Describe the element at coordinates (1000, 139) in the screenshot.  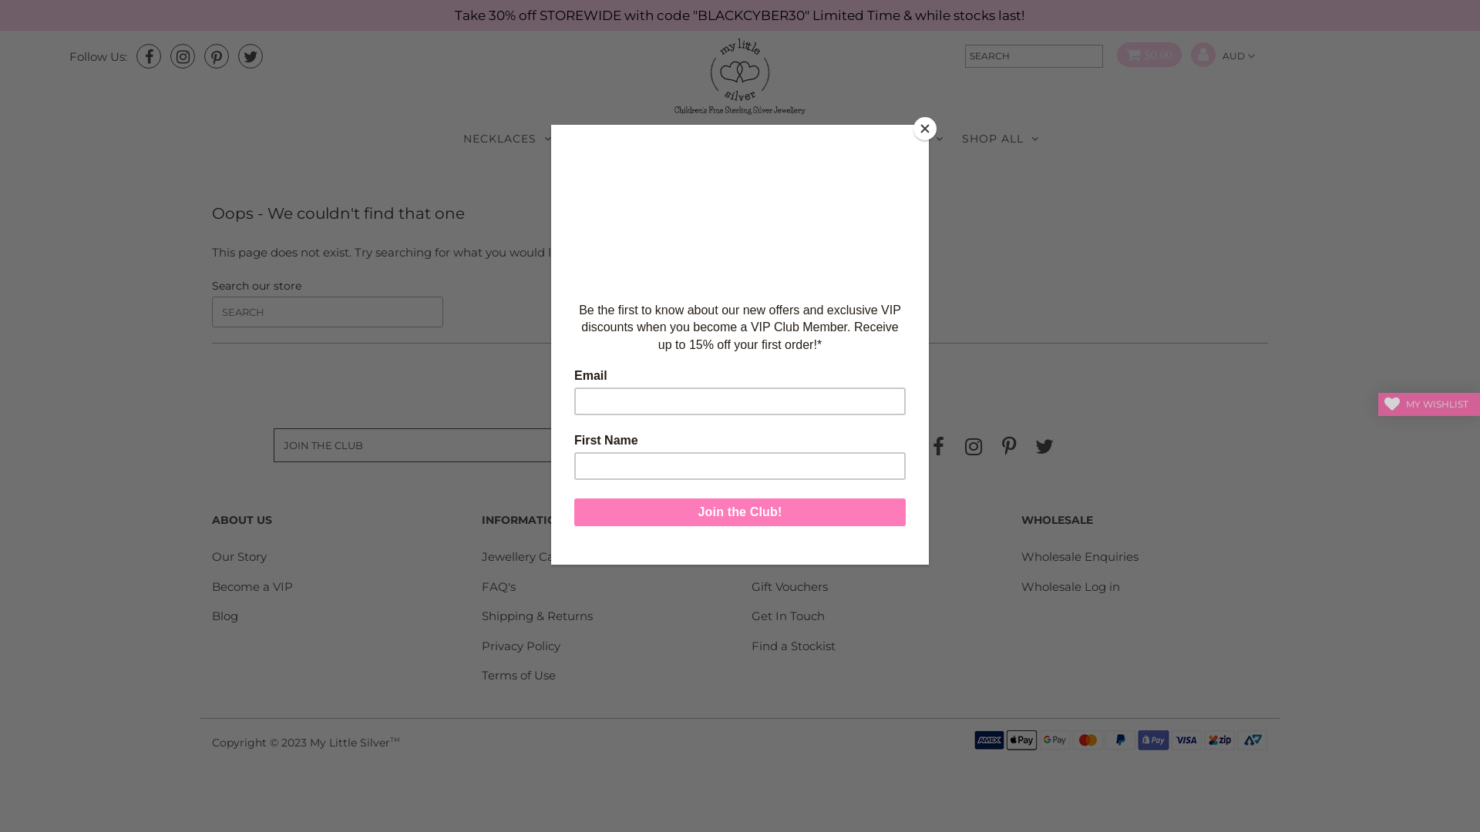
I see `'SHOP ALL'` at that location.